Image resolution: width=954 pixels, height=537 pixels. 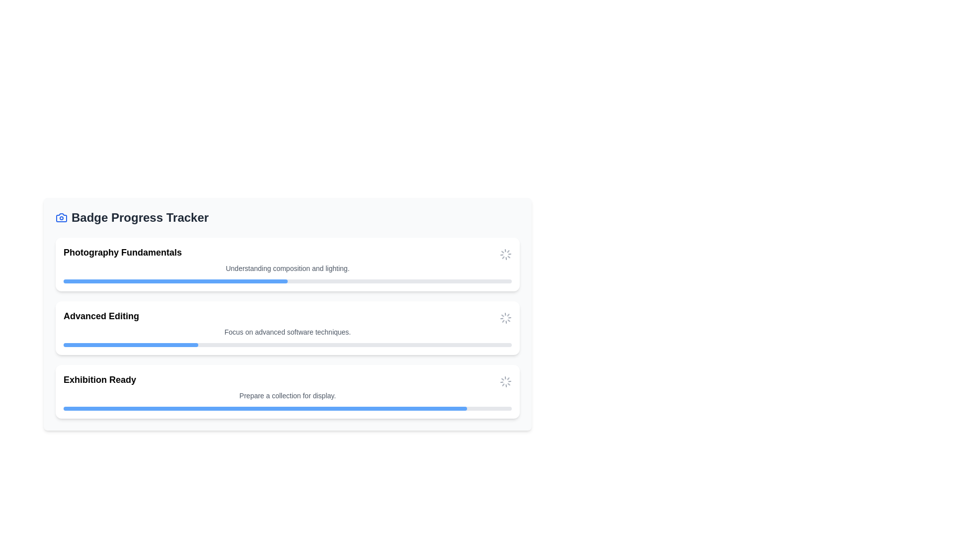 I want to click on the blue camera icon positioned at the top left corner of the 'Badge Progress Tracker' header text, so click(x=61, y=217).